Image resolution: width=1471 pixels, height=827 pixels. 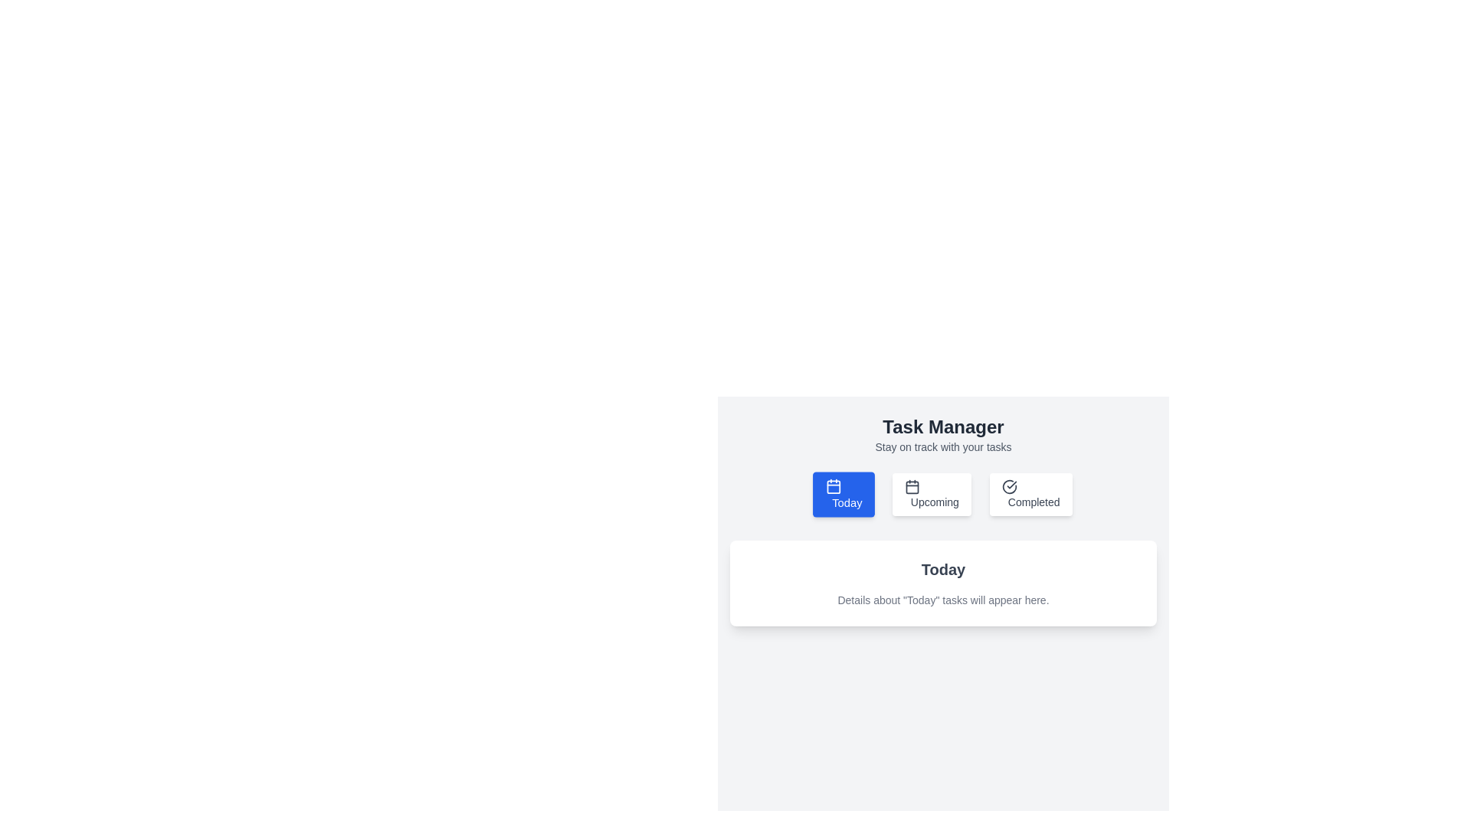 I want to click on the 'Task Manager' text label, which is a prominent, bold label in dark gray color, positioned centrally above navigation options, so click(x=942, y=427).